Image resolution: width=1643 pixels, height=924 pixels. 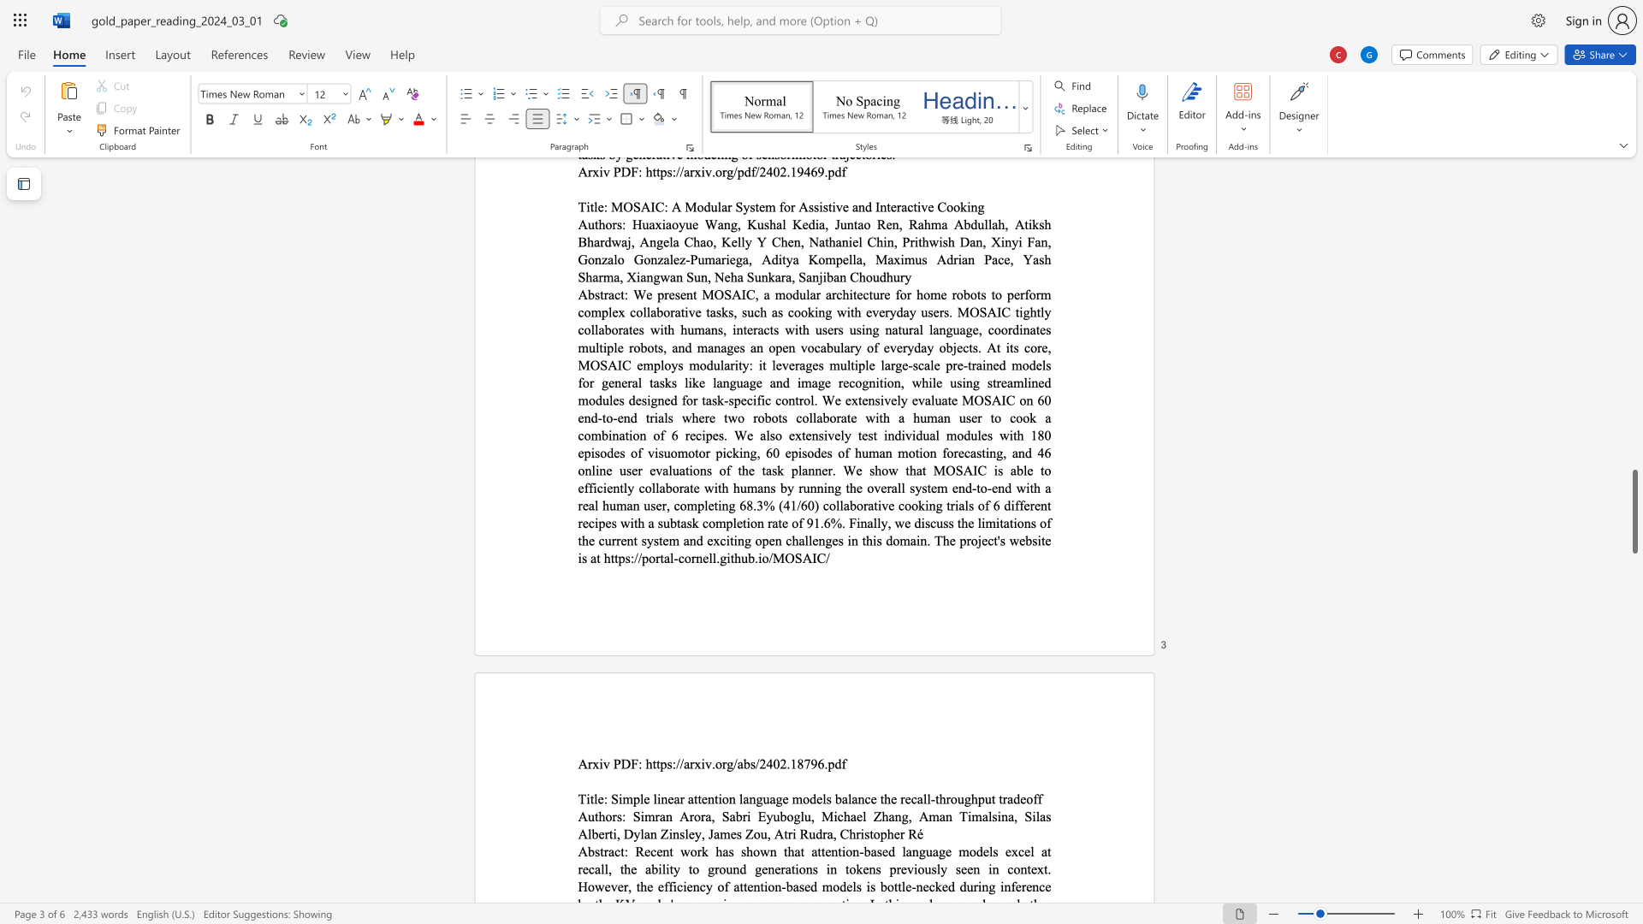 What do you see at coordinates (1634, 512) in the screenshot?
I see `the vertical scrollbar to raise the page content` at bounding box center [1634, 512].